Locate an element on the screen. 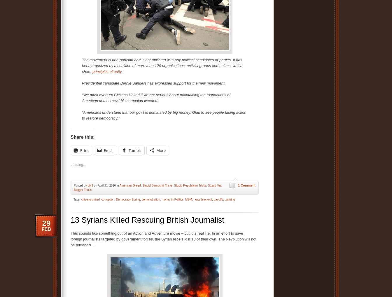  'The movement is non-partisan and is not affiliated with any political candidates or parties. It has been organized by a coalition of more than 120 organizations, activist groups and unions, which share' is located at coordinates (82, 65).